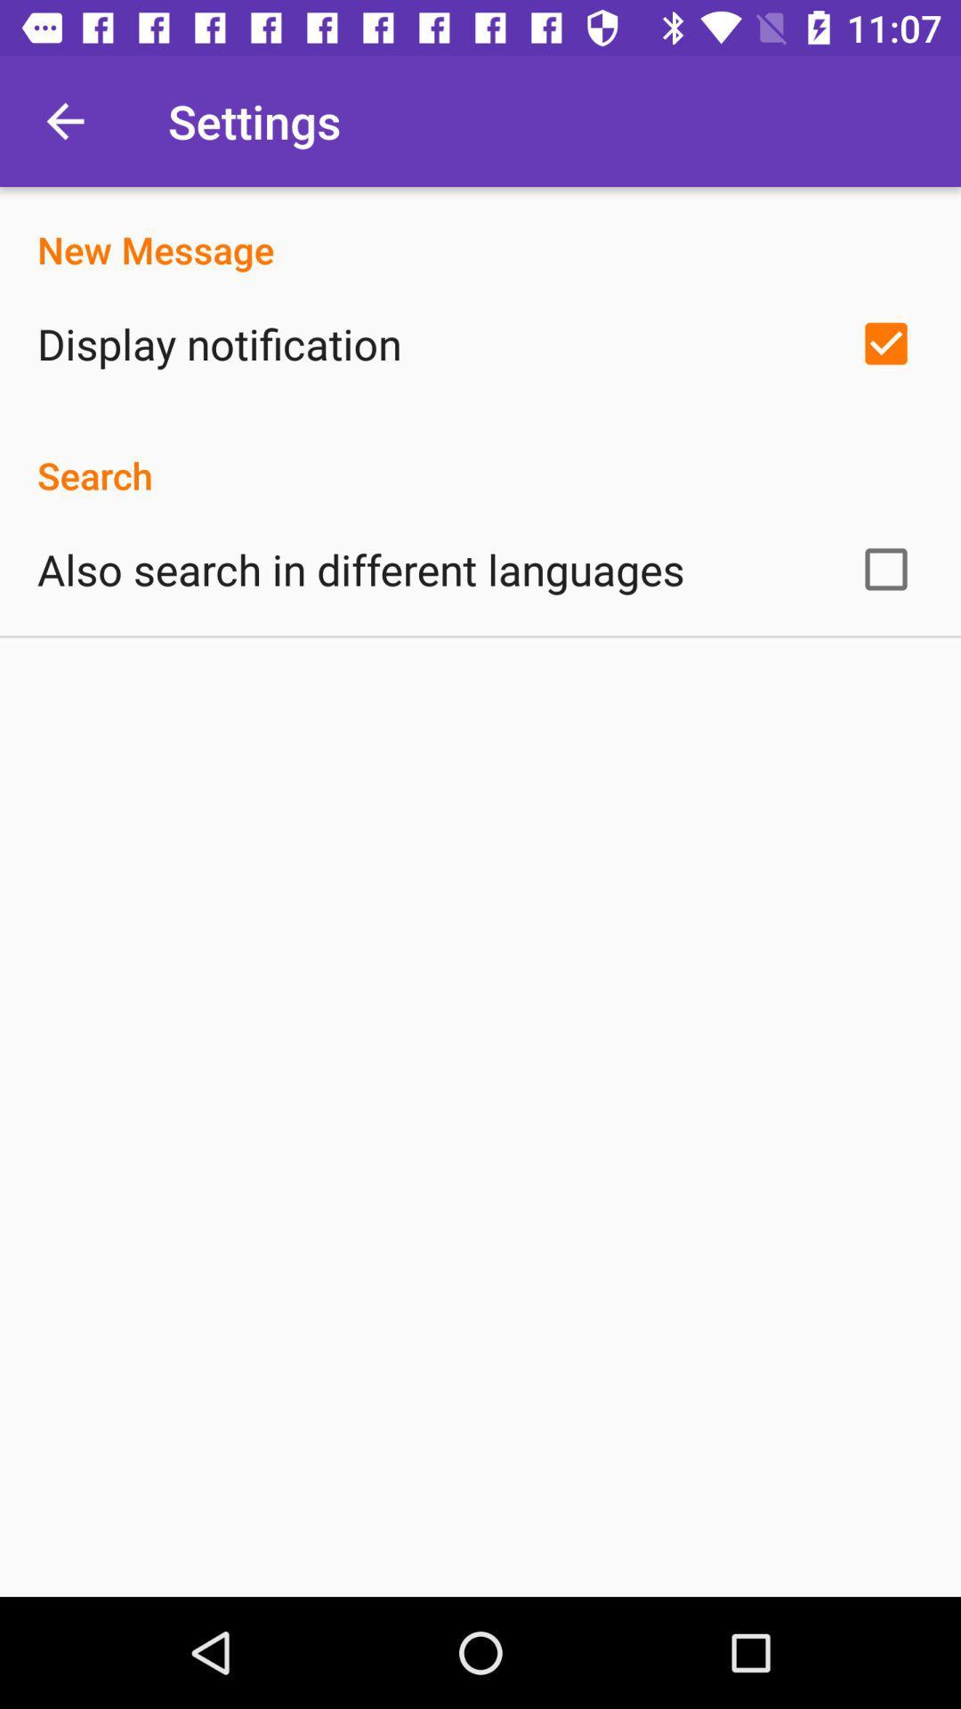 The height and width of the screenshot is (1709, 961). What do you see at coordinates (64, 120) in the screenshot?
I see `the item next to settings item` at bounding box center [64, 120].